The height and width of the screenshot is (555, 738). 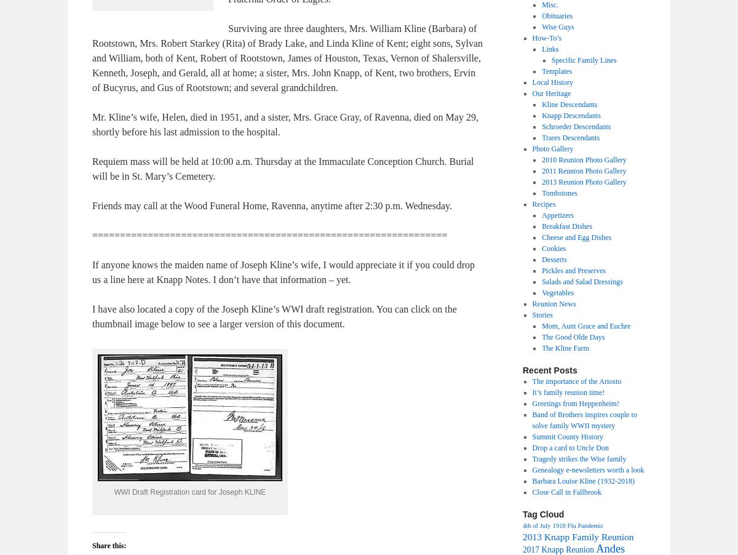 I want to click on '2010 Reunion Photo Gallery', so click(x=584, y=159).